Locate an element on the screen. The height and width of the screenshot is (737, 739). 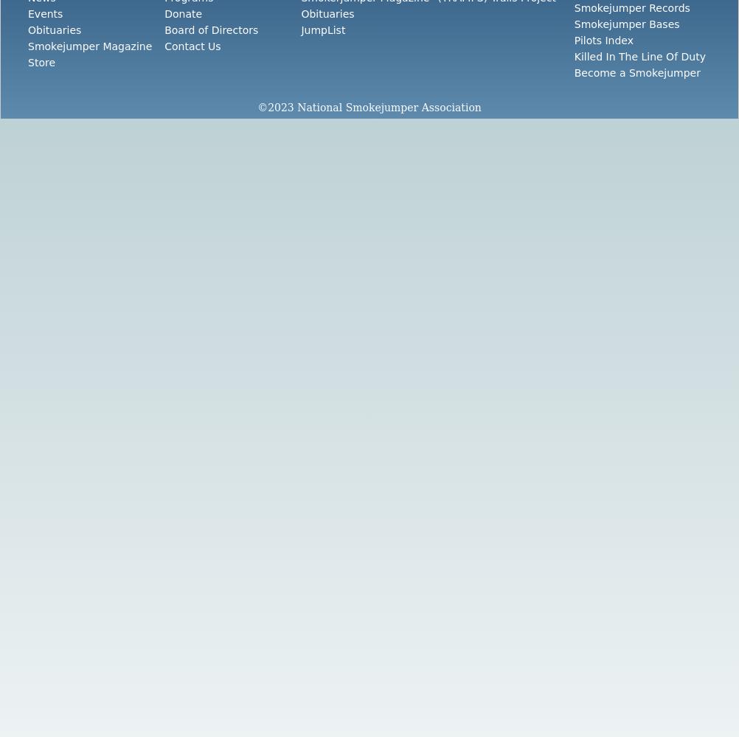
'Contact Us' is located at coordinates (192, 46).